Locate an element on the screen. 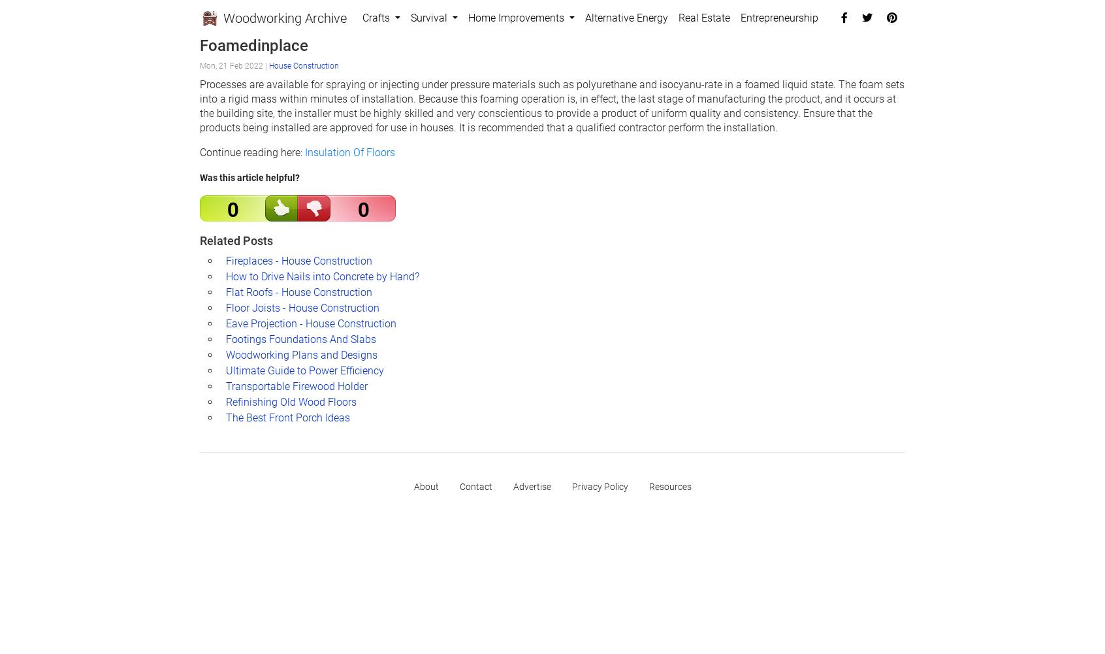  'Resources' is located at coordinates (669, 486).